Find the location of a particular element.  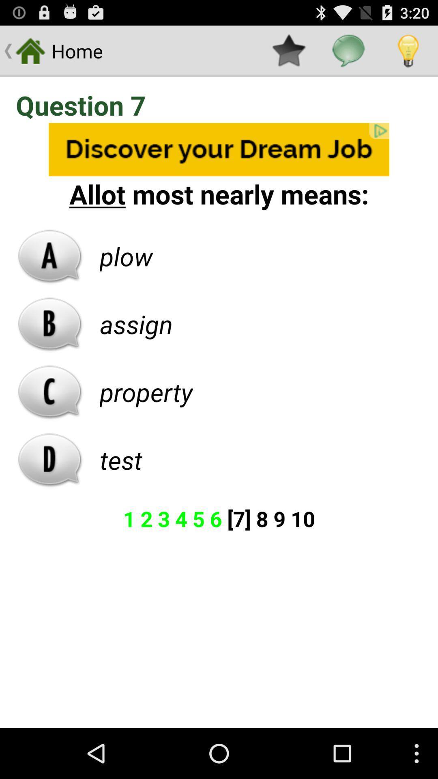

advertisement is located at coordinates (219, 149).